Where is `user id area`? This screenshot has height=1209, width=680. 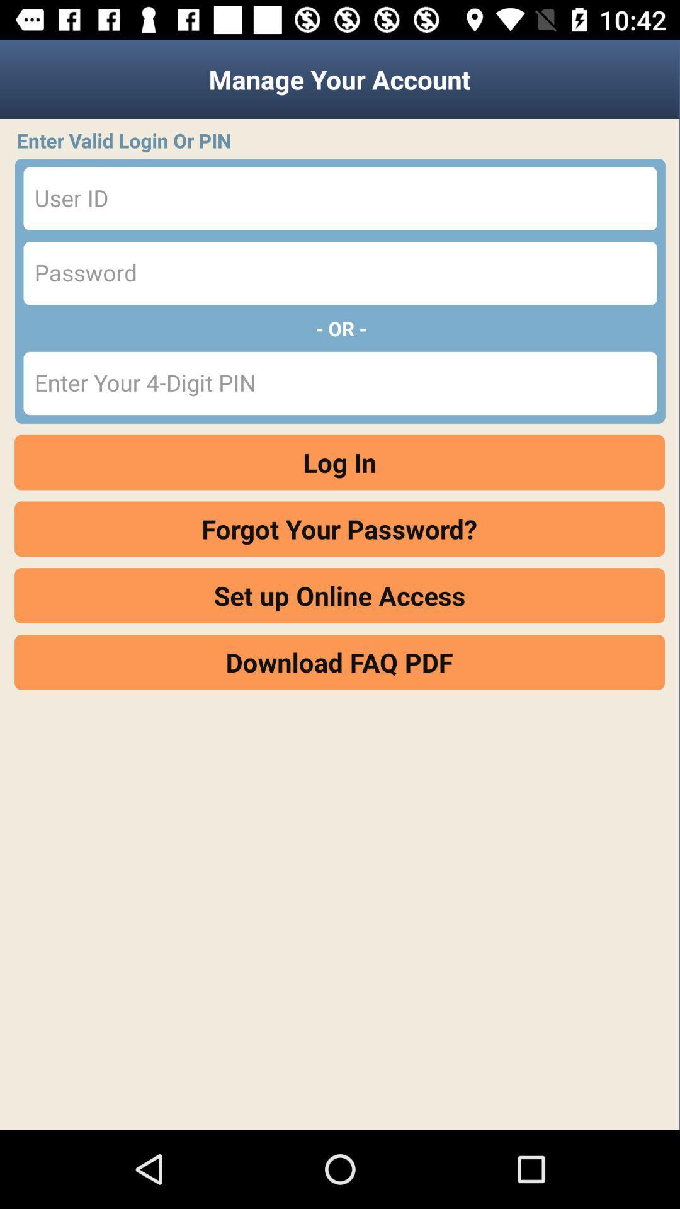 user id area is located at coordinates (340, 198).